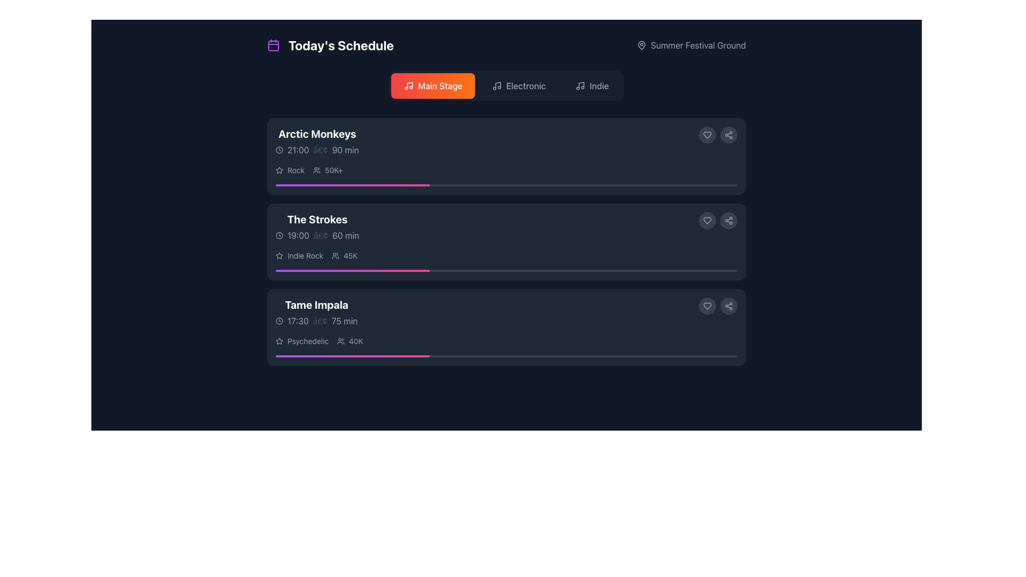 This screenshot has width=1026, height=577. Describe the element at coordinates (728, 135) in the screenshot. I see `the share button located at the top-right corner of each event card in the schedule list to change its background color` at that location.